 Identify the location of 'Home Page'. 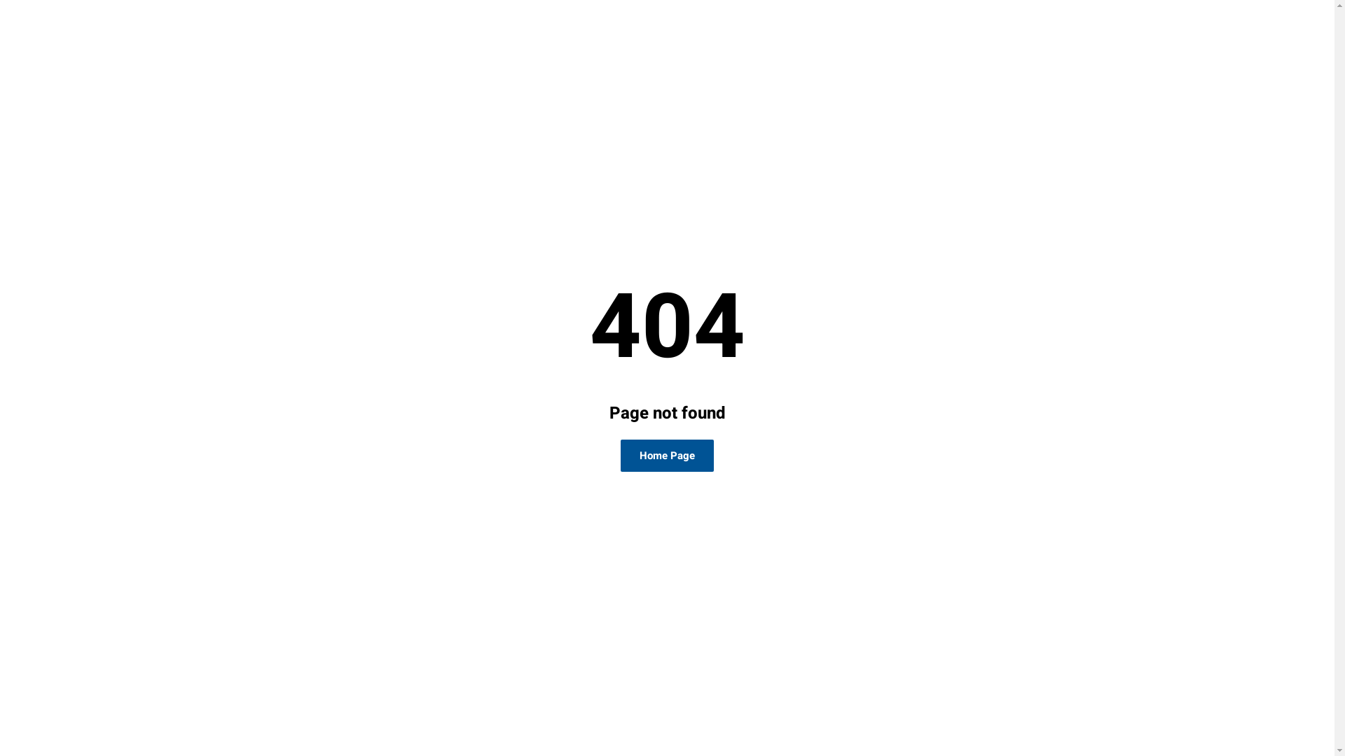
(620, 456).